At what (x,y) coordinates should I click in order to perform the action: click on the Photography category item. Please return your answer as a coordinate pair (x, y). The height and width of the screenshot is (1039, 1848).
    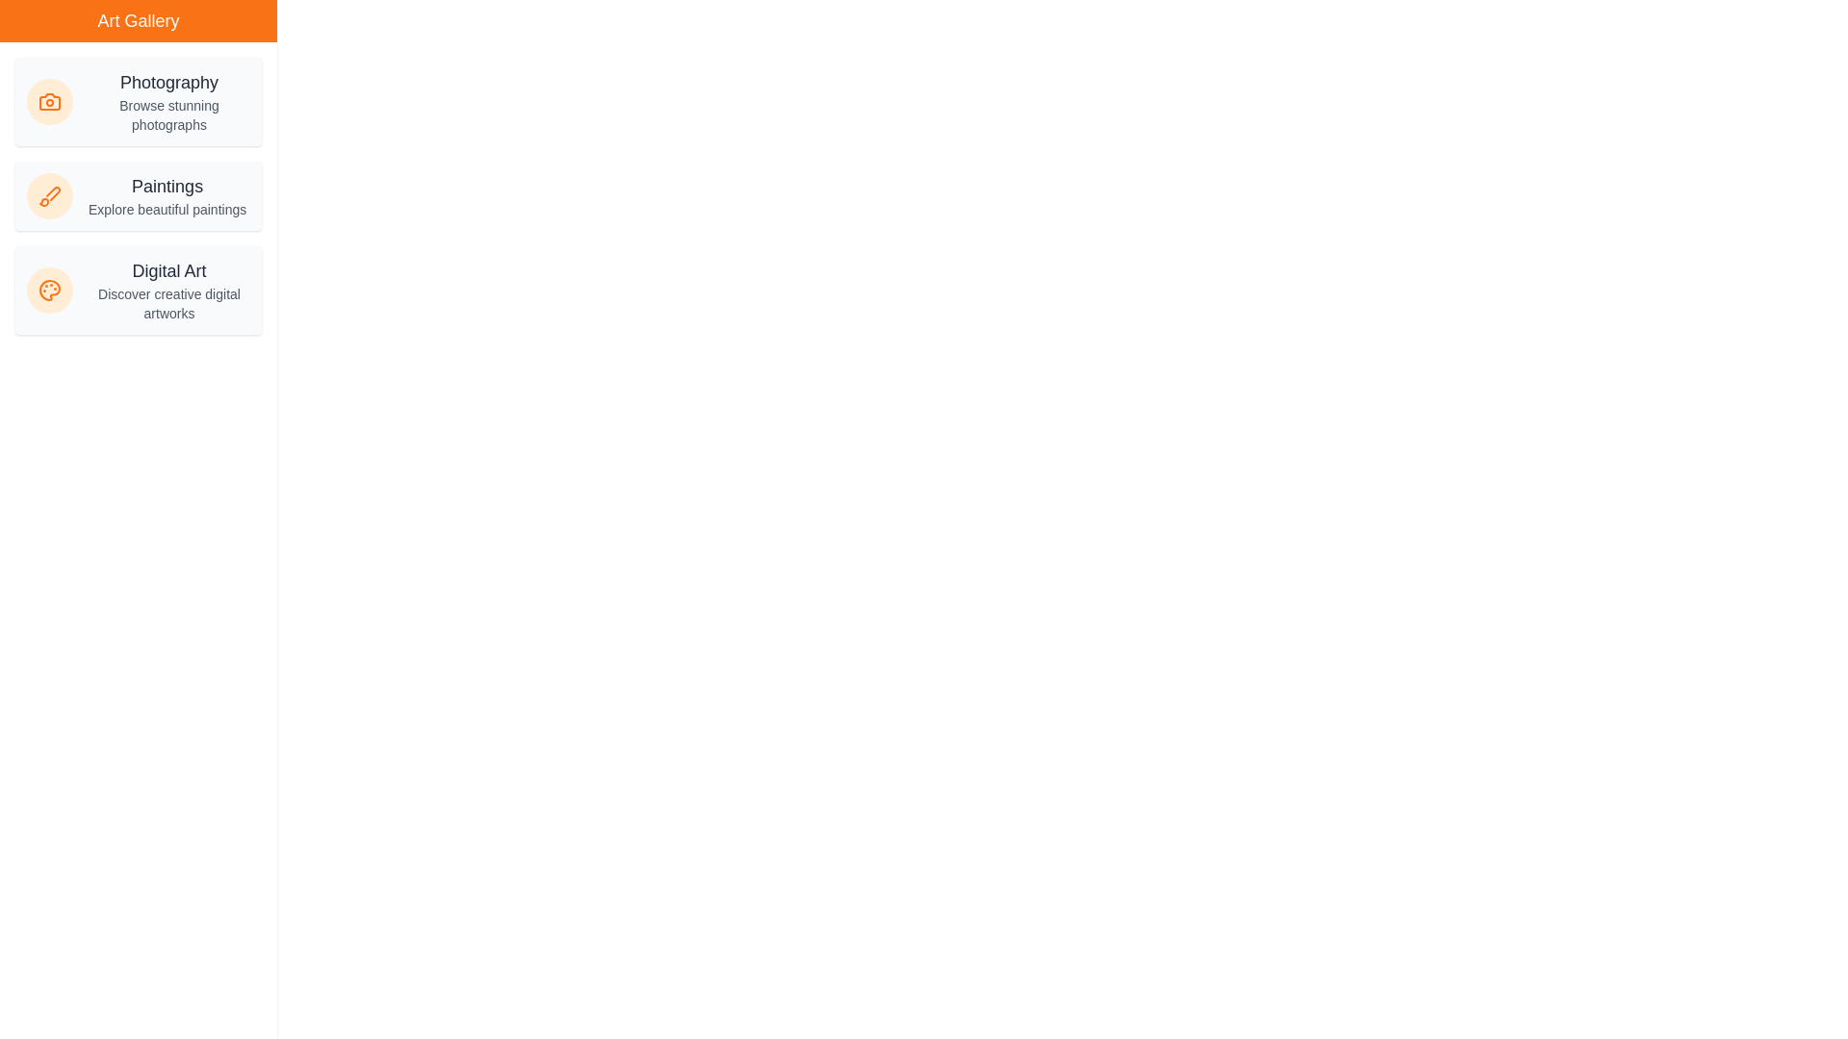
    Looking at the image, I should click on (138, 101).